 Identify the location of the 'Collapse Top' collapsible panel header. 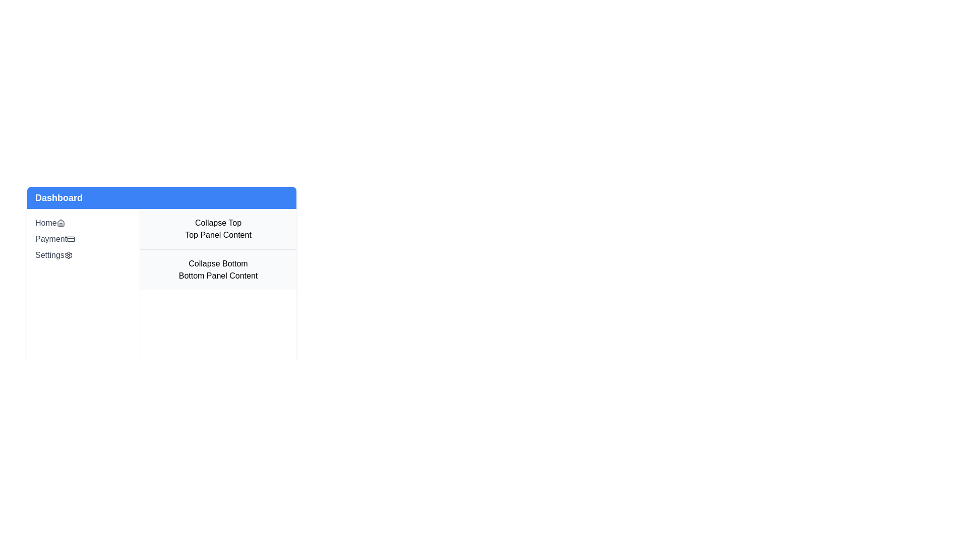
(217, 229).